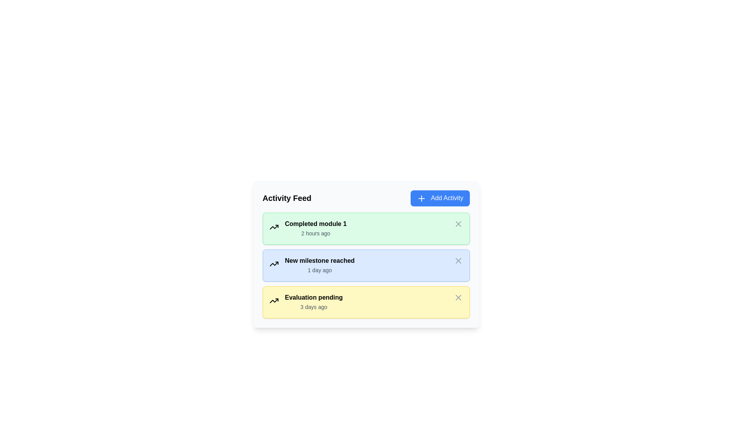  Describe the element at coordinates (366, 302) in the screenshot. I see `information displayed in the Notification card that shows 'Evaluation pending' and was posted '3 days ago', located at the bottom of the activity feed` at that location.